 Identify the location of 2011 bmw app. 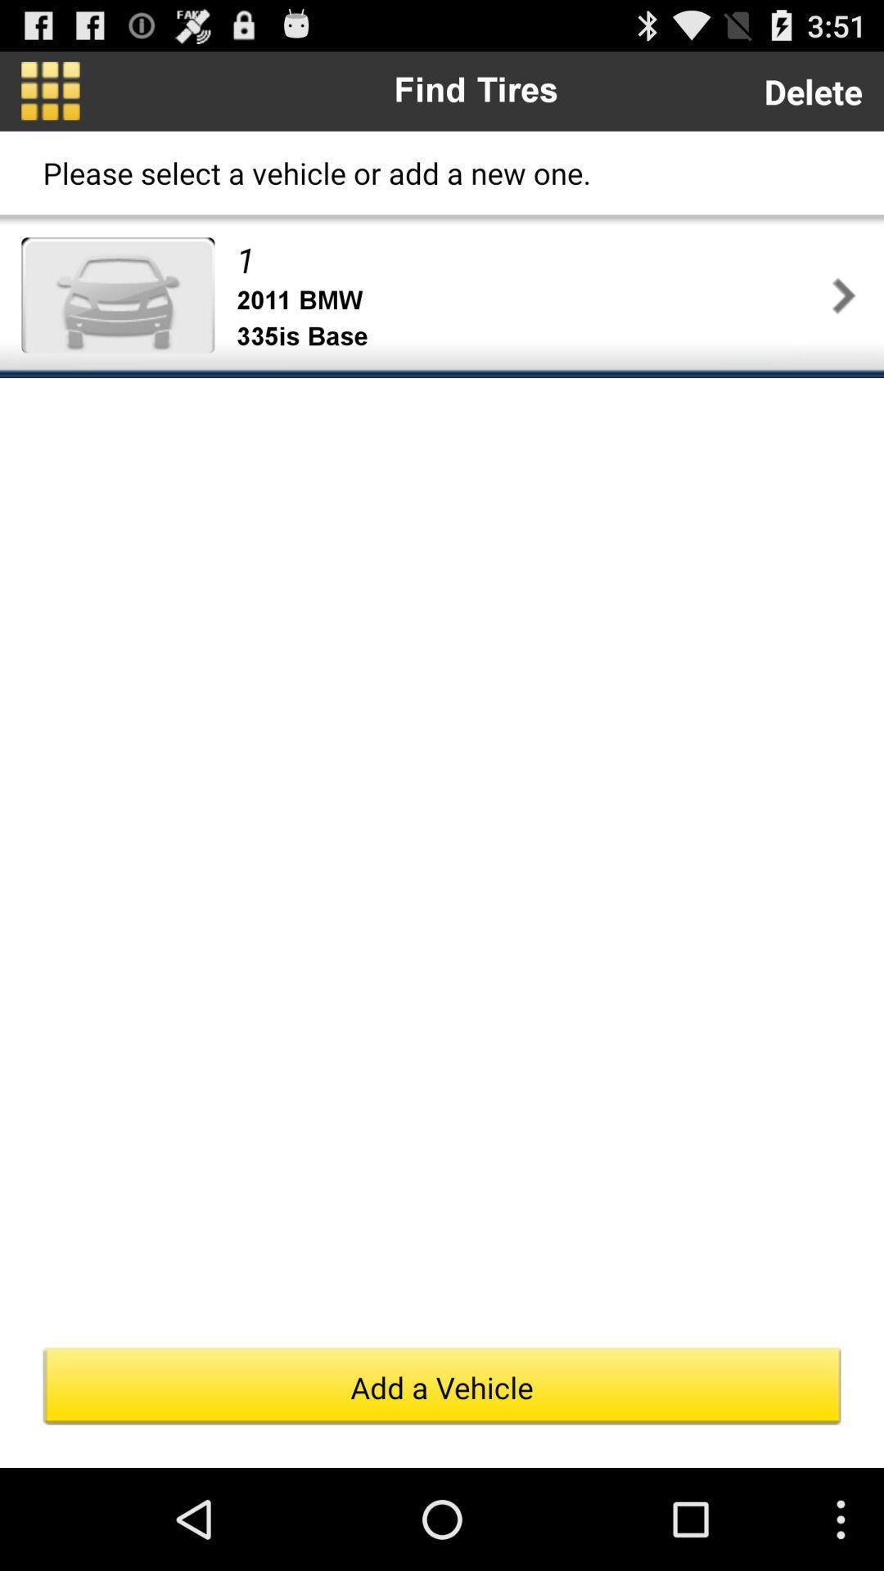
(530, 300).